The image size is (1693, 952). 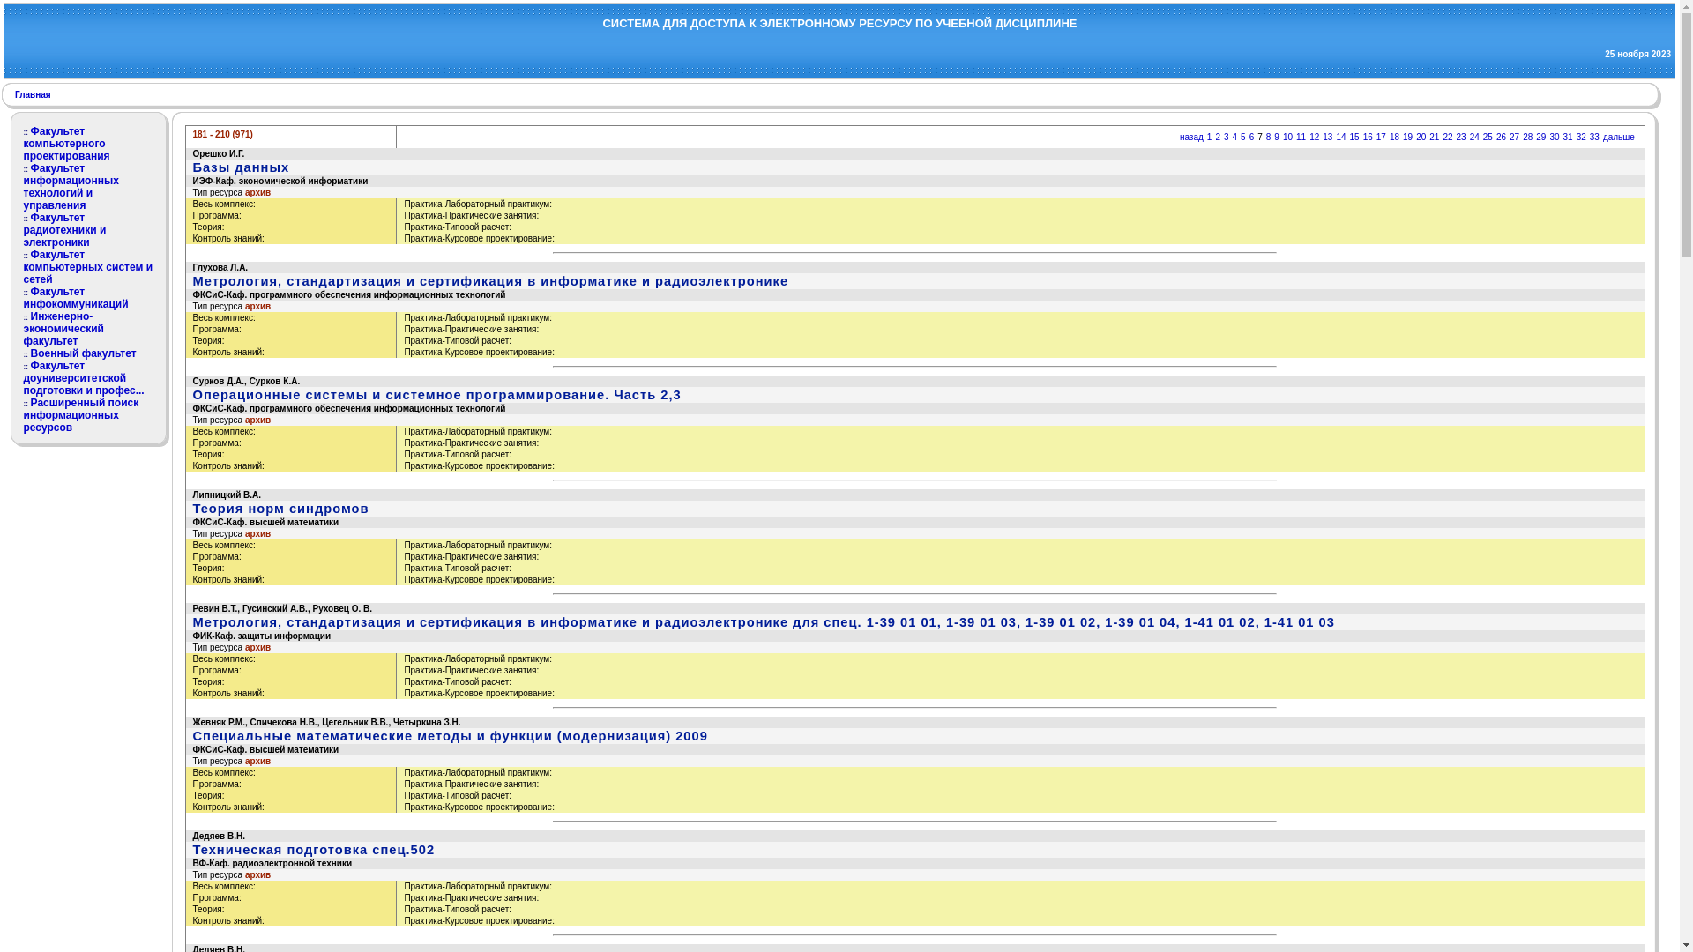 I want to click on '30', so click(x=1554, y=136).